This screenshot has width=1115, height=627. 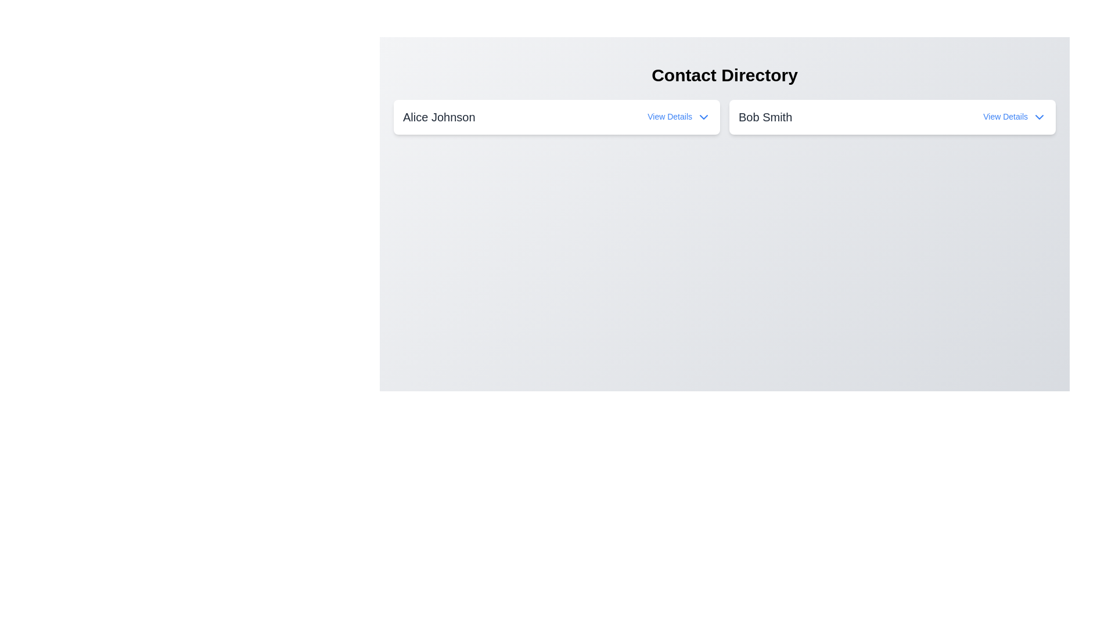 What do you see at coordinates (724, 75) in the screenshot?
I see `the text heading labeled 'Contact Directory' which is styled in bold and large font at the top center of the interface` at bounding box center [724, 75].